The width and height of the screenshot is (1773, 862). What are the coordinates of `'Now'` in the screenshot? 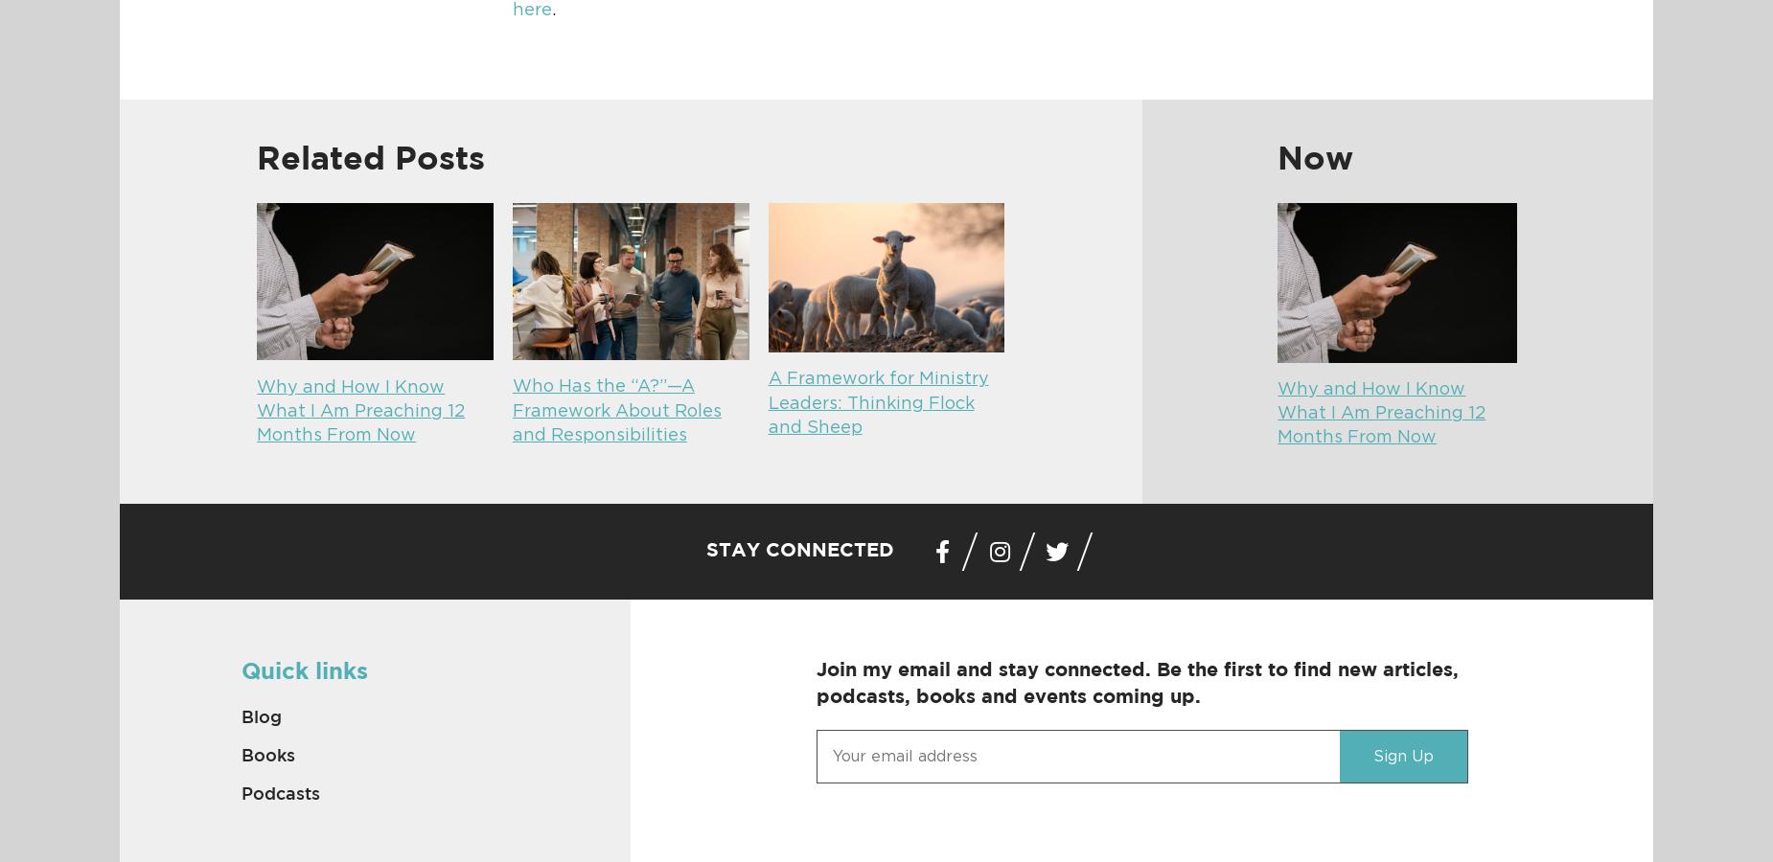 It's located at (1314, 158).